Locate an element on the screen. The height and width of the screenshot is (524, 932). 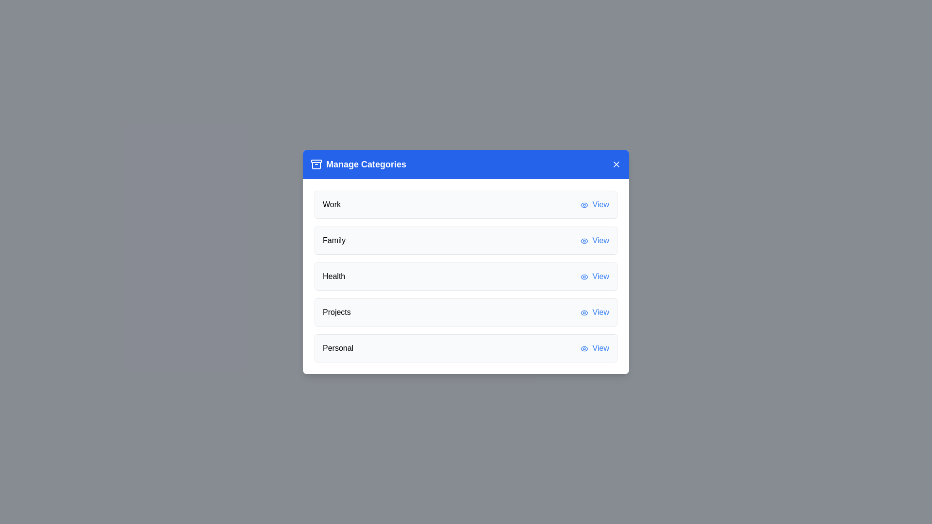
the 'View' button for the category Health is located at coordinates (594, 277).